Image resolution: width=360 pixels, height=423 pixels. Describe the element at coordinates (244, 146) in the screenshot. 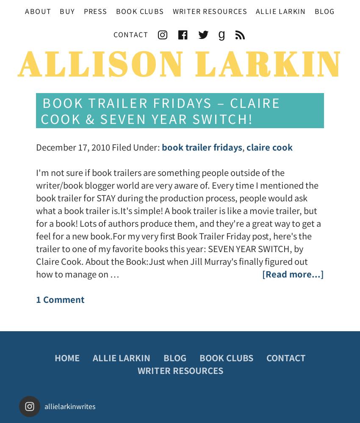

I see `','` at that location.